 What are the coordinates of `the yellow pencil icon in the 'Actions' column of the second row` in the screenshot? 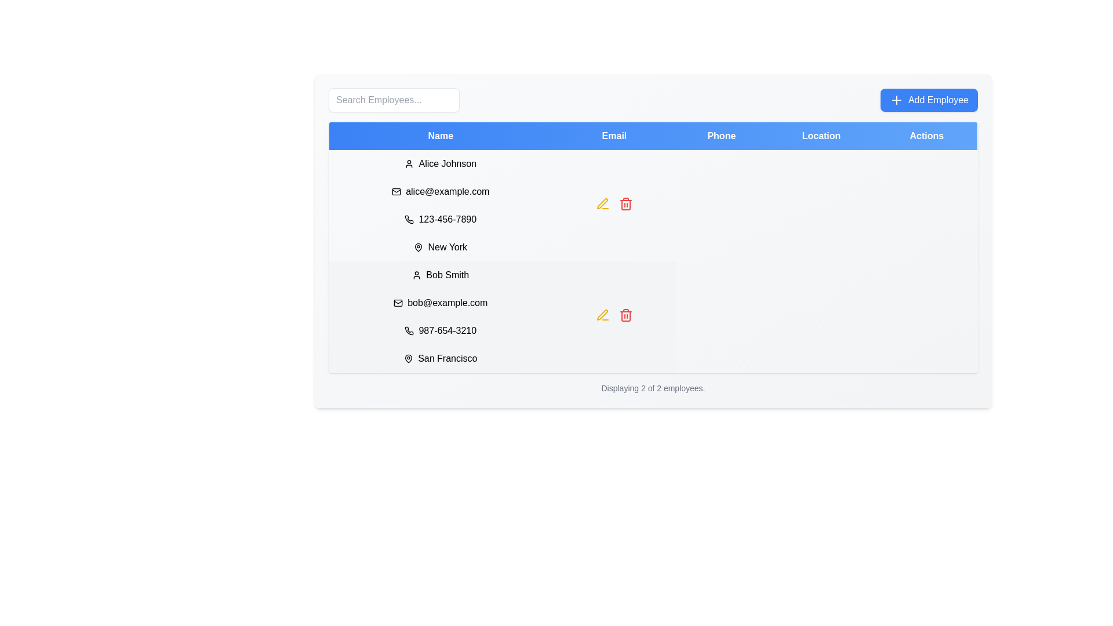 It's located at (602, 315).